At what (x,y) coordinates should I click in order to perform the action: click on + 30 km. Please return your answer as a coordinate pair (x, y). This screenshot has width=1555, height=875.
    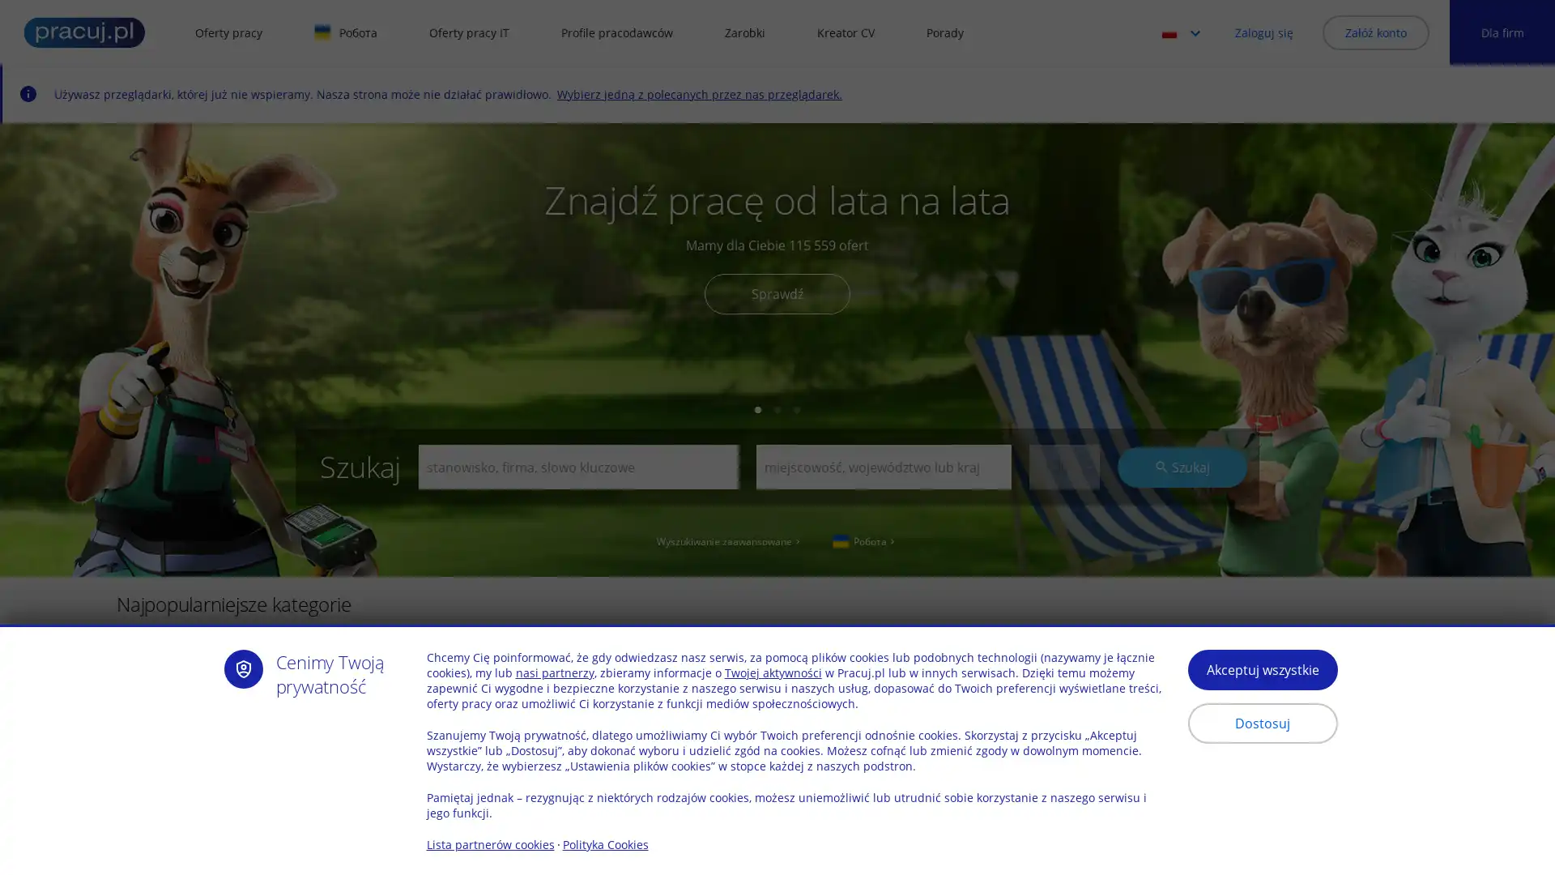
    Looking at the image, I should click on (1063, 646).